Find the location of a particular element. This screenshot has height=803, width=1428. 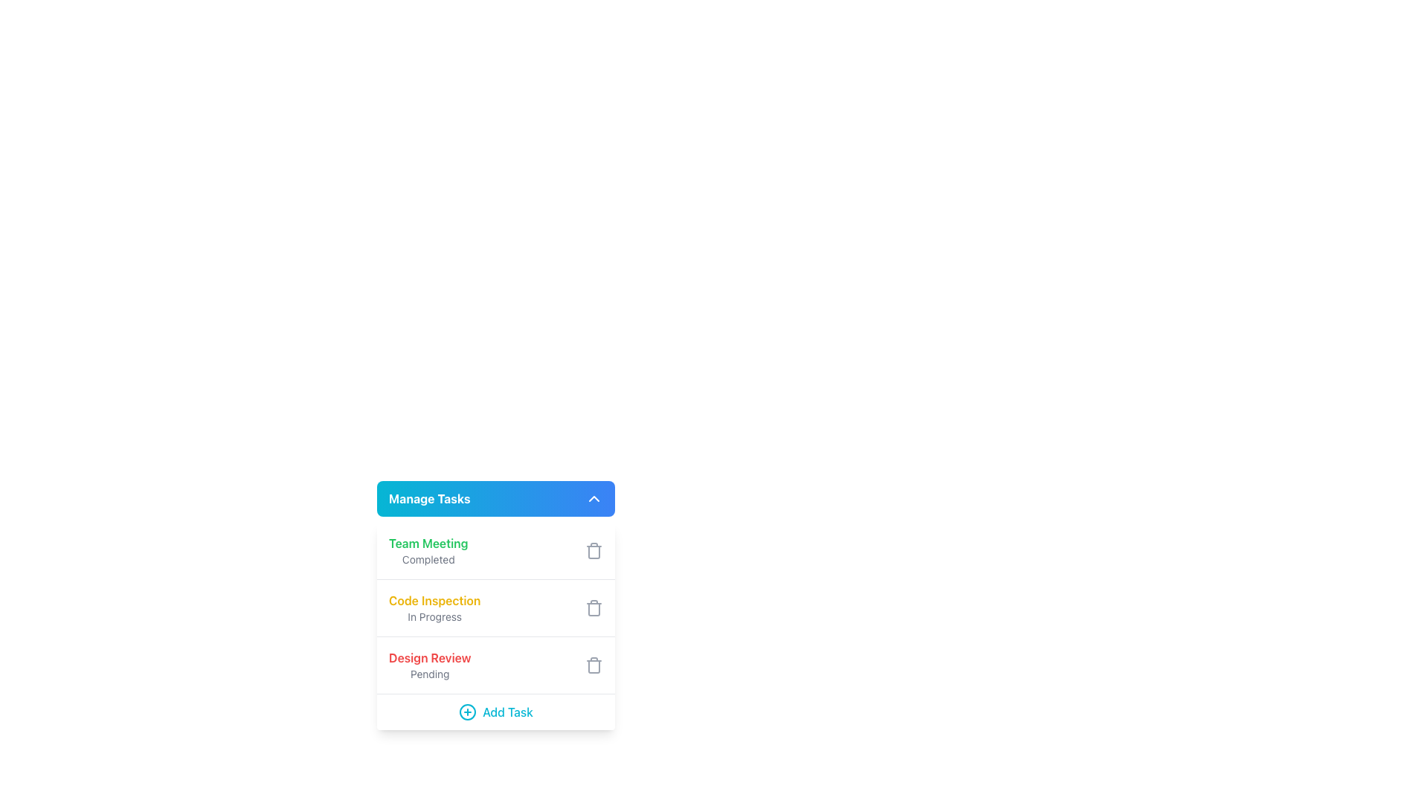

the trash icon, which is a rounded rectangle outlined in light gray and positioned near the right side of the 'Design Review' task row in the task management interface is located at coordinates (593, 666).